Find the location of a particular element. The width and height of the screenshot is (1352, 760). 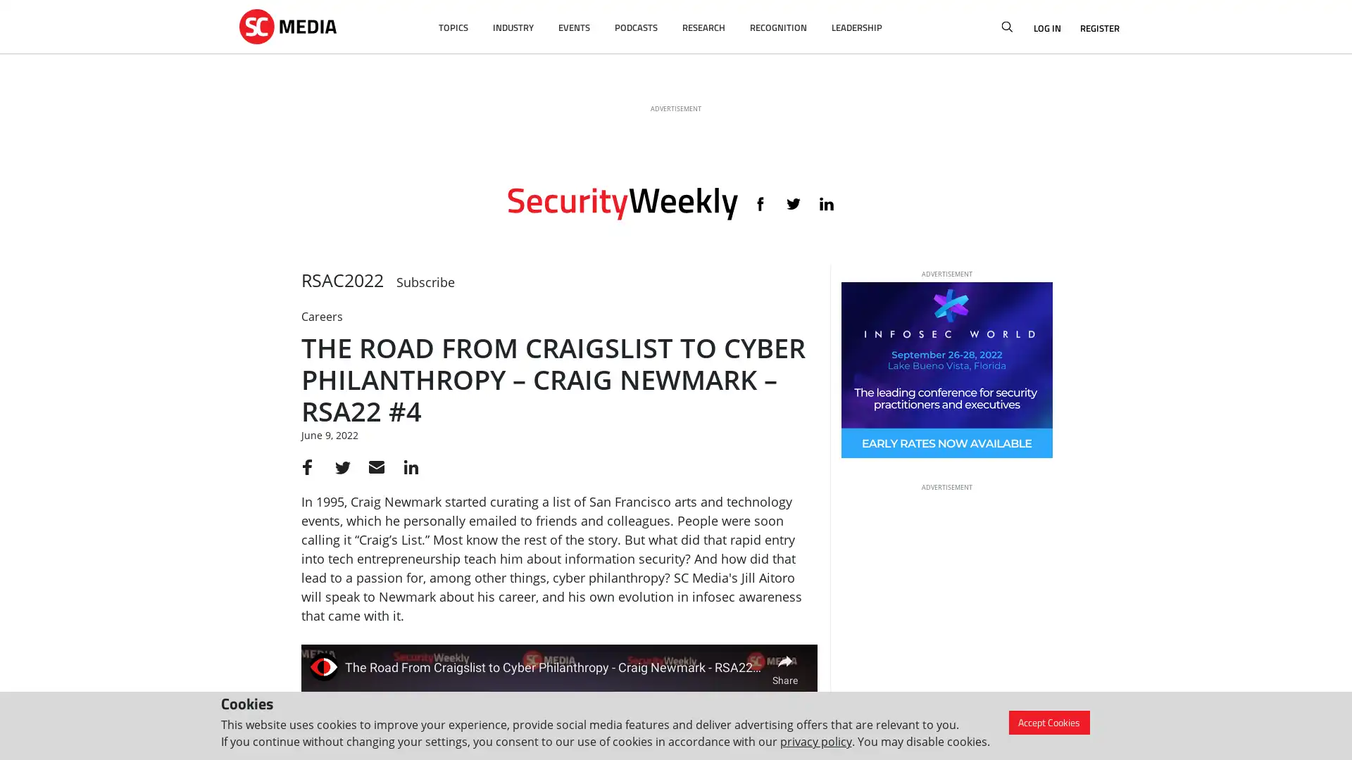

RECOGNITION is located at coordinates (777, 27).